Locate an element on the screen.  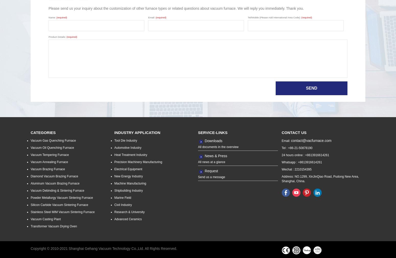
'Whatsapp : +8613916614261' is located at coordinates (301, 162).